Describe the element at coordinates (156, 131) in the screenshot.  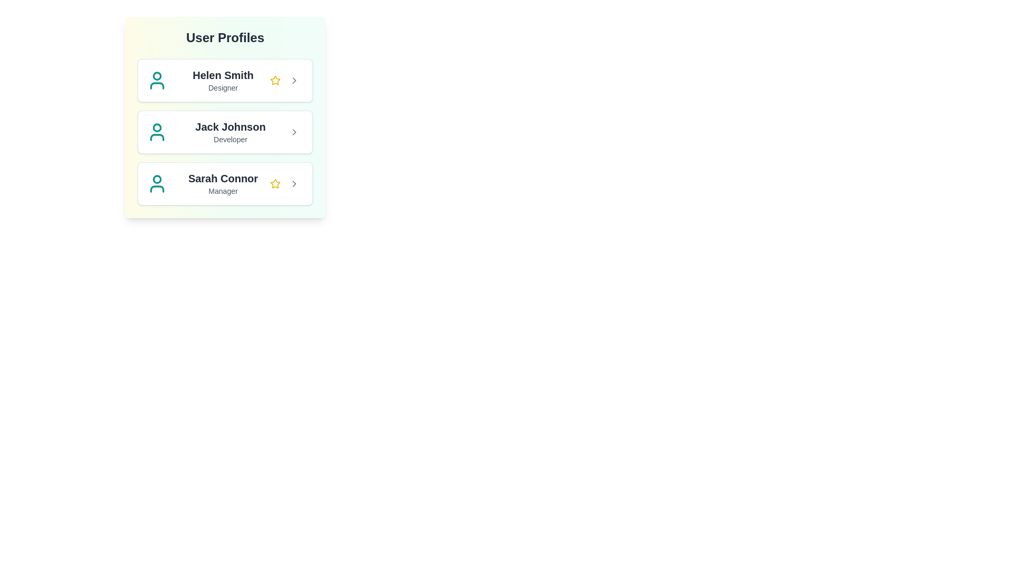
I see `the profile icon for Jack Johnson` at that location.